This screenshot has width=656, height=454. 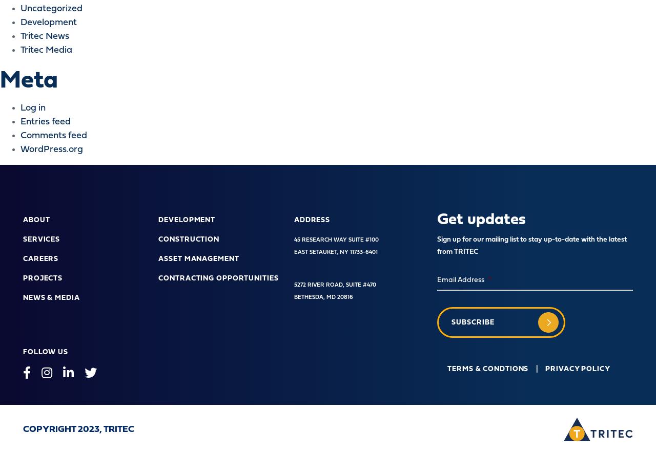 What do you see at coordinates (41, 239) in the screenshot?
I see `'Services'` at bounding box center [41, 239].